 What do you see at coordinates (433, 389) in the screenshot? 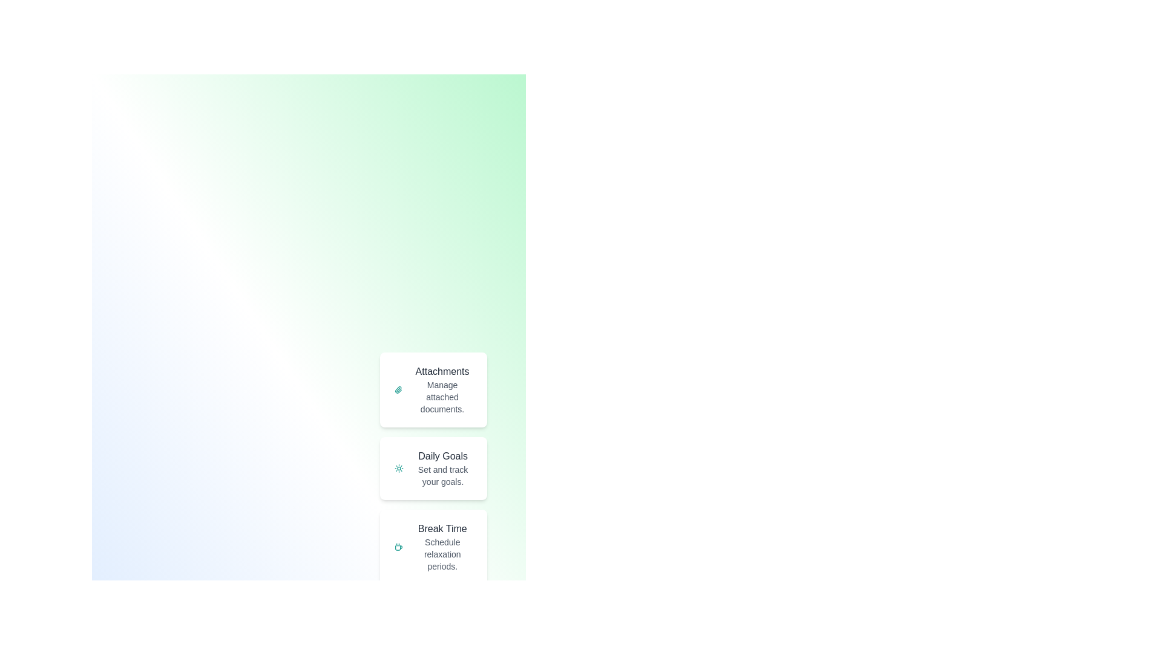
I see `the speed dial option Attachments to access its functionality` at bounding box center [433, 389].